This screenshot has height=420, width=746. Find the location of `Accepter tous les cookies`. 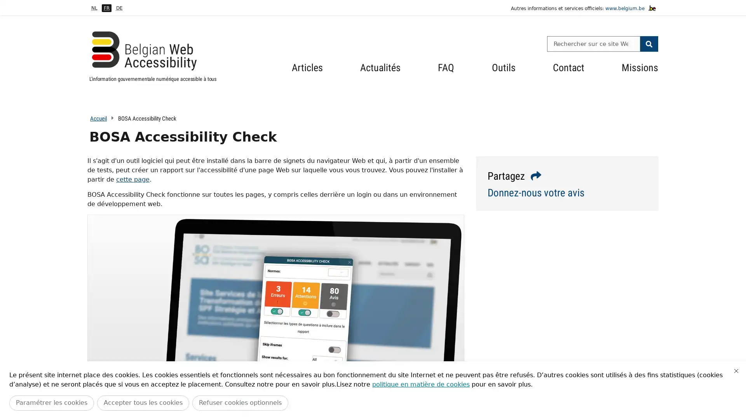

Accepter tous les cookies is located at coordinates (143, 402).